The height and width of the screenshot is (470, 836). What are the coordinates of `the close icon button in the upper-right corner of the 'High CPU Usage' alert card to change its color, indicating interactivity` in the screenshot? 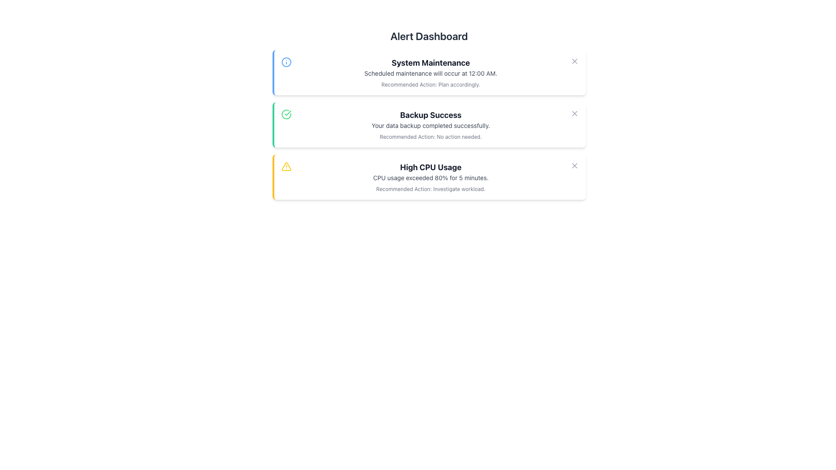 It's located at (574, 166).